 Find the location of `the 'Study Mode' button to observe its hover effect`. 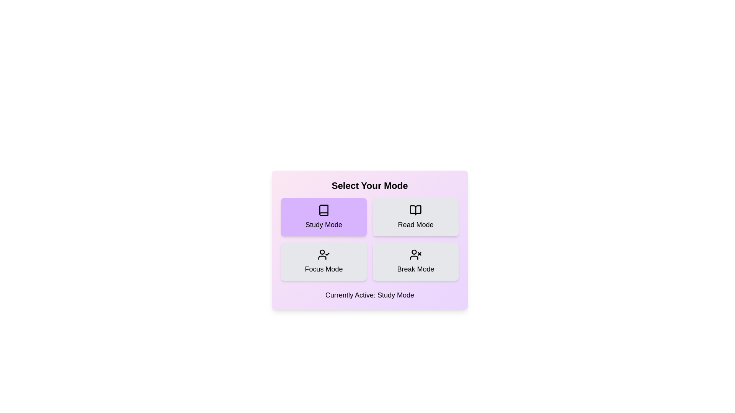

the 'Study Mode' button to observe its hover effect is located at coordinates (323, 217).